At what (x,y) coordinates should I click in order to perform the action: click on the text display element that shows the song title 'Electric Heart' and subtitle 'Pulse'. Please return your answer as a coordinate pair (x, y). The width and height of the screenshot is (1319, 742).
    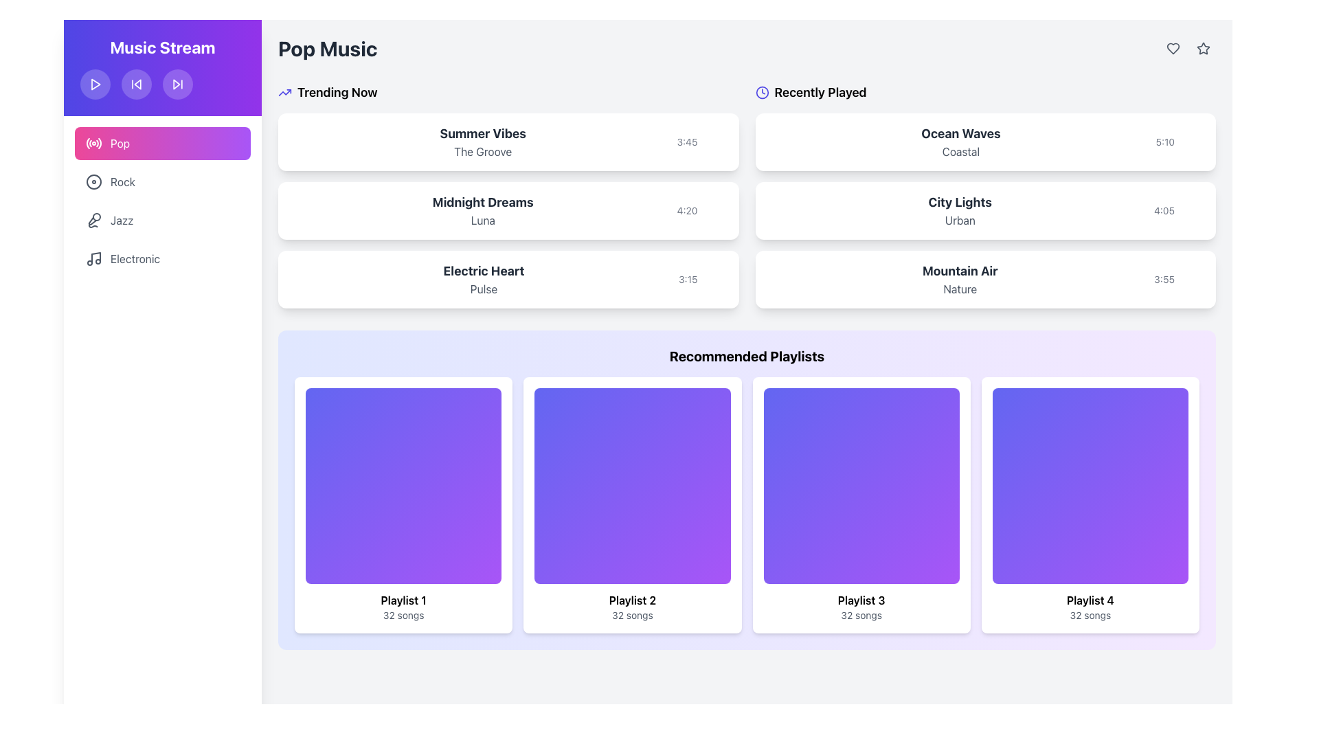
    Looking at the image, I should click on (484, 279).